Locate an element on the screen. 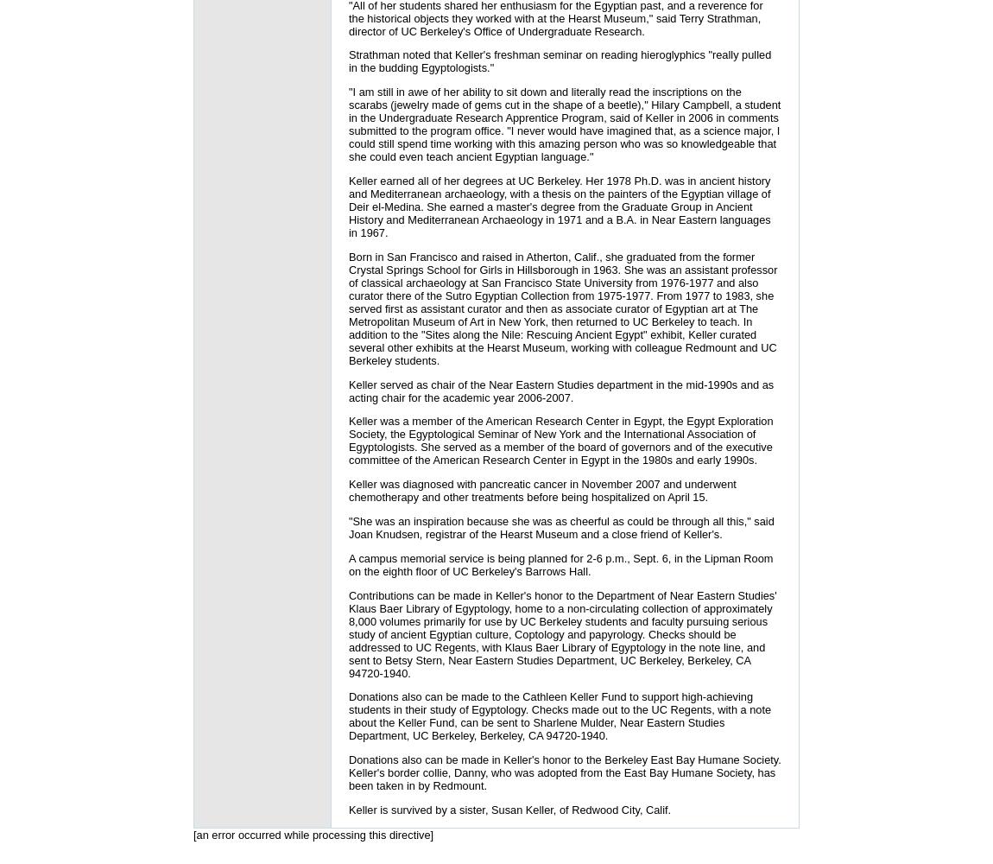  '"I am still in awe of her ability to sit down and literally read the inscriptions on the scarabs (jewelry made of gems cut in the shape of a beetle)," Hilary Campbell, a student in the Undergraduate Research Apprentice Program, said of Keller in 2006 in comments submitted to the program office. "I never would have imagined that, as a science major, I could still spend time working with this amazing person who was so knowledgeable that she could even teach ancient Egyptian language."' is located at coordinates (564, 124).